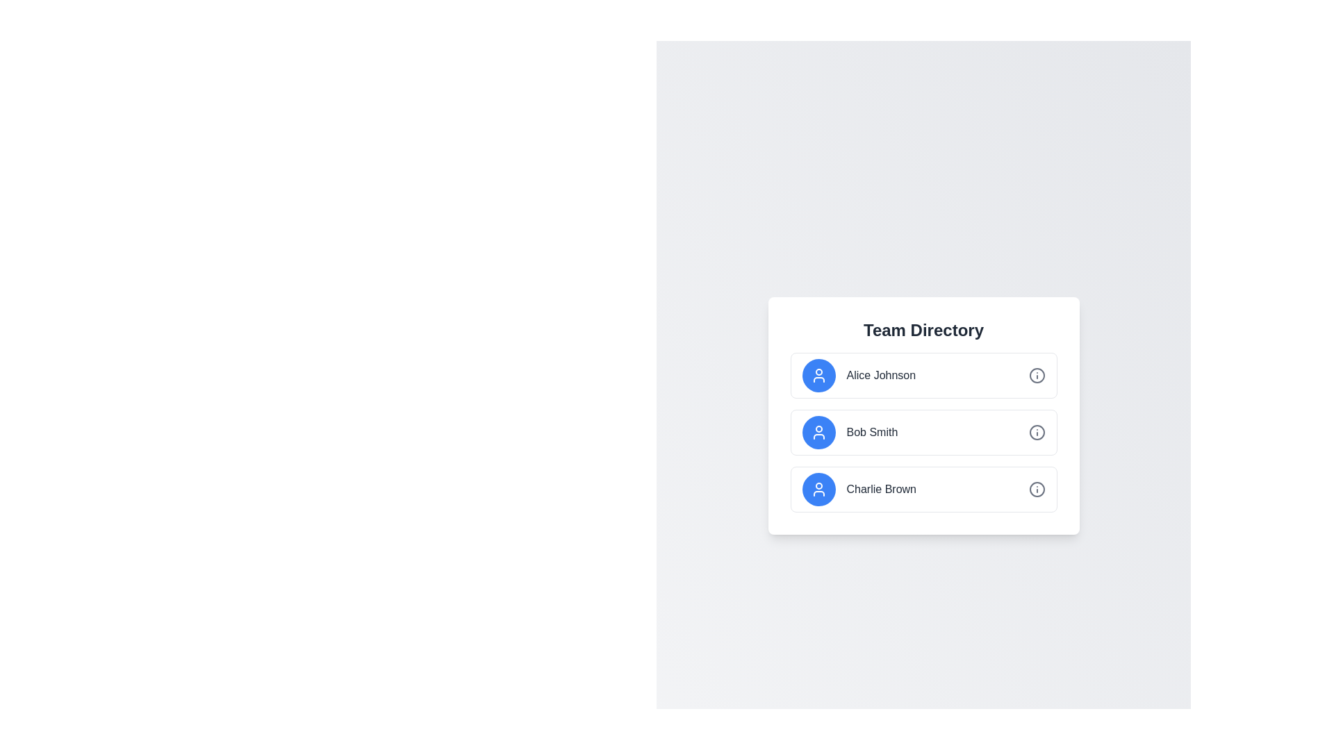 The width and height of the screenshot is (1334, 750). I want to click on the circular 'info' icon with a hollow center and gray border located at the far right side of the row containing the text 'Alice Johnson', so click(1037, 375).